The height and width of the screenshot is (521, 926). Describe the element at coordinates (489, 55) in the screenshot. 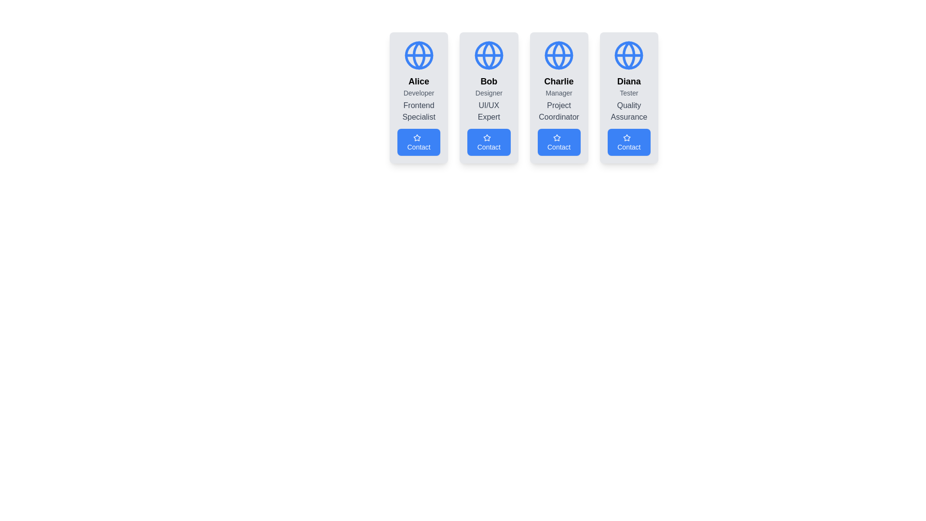

I see `the globe icon SVG, which is styled with rounded lines and positioned at the top of the card titled 'Bob' in a horizontal card layout` at that location.